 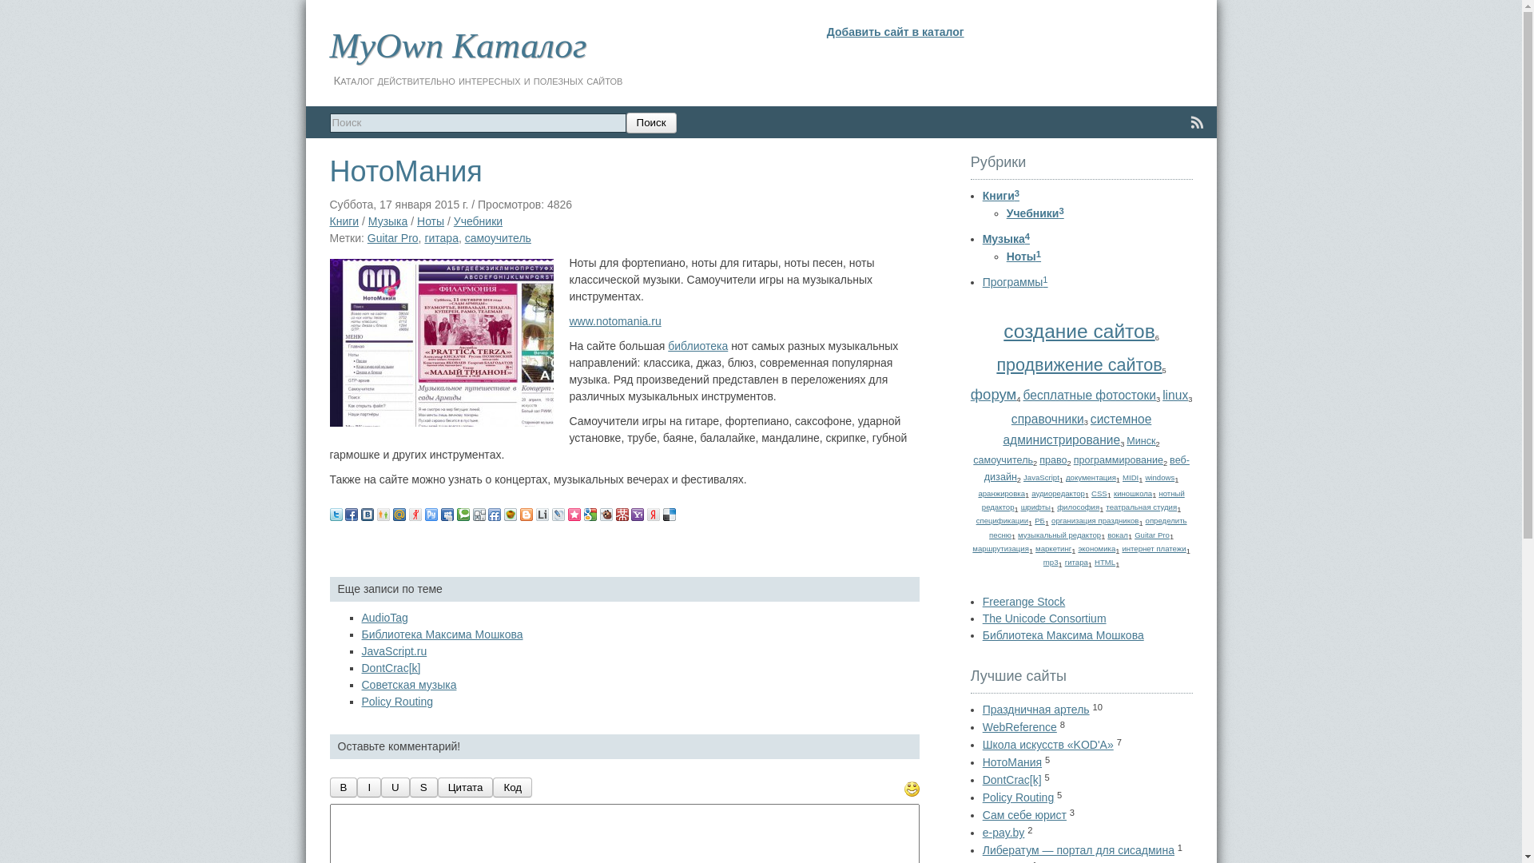 What do you see at coordinates (614, 320) in the screenshot?
I see `'www.notomania.ru'` at bounding box center [614, 320].